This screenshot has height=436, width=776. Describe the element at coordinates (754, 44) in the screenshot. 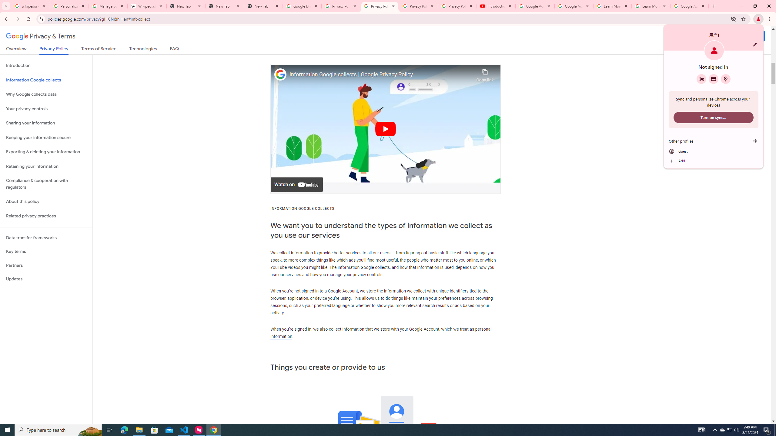

I see `'Customize profile'` at that location.